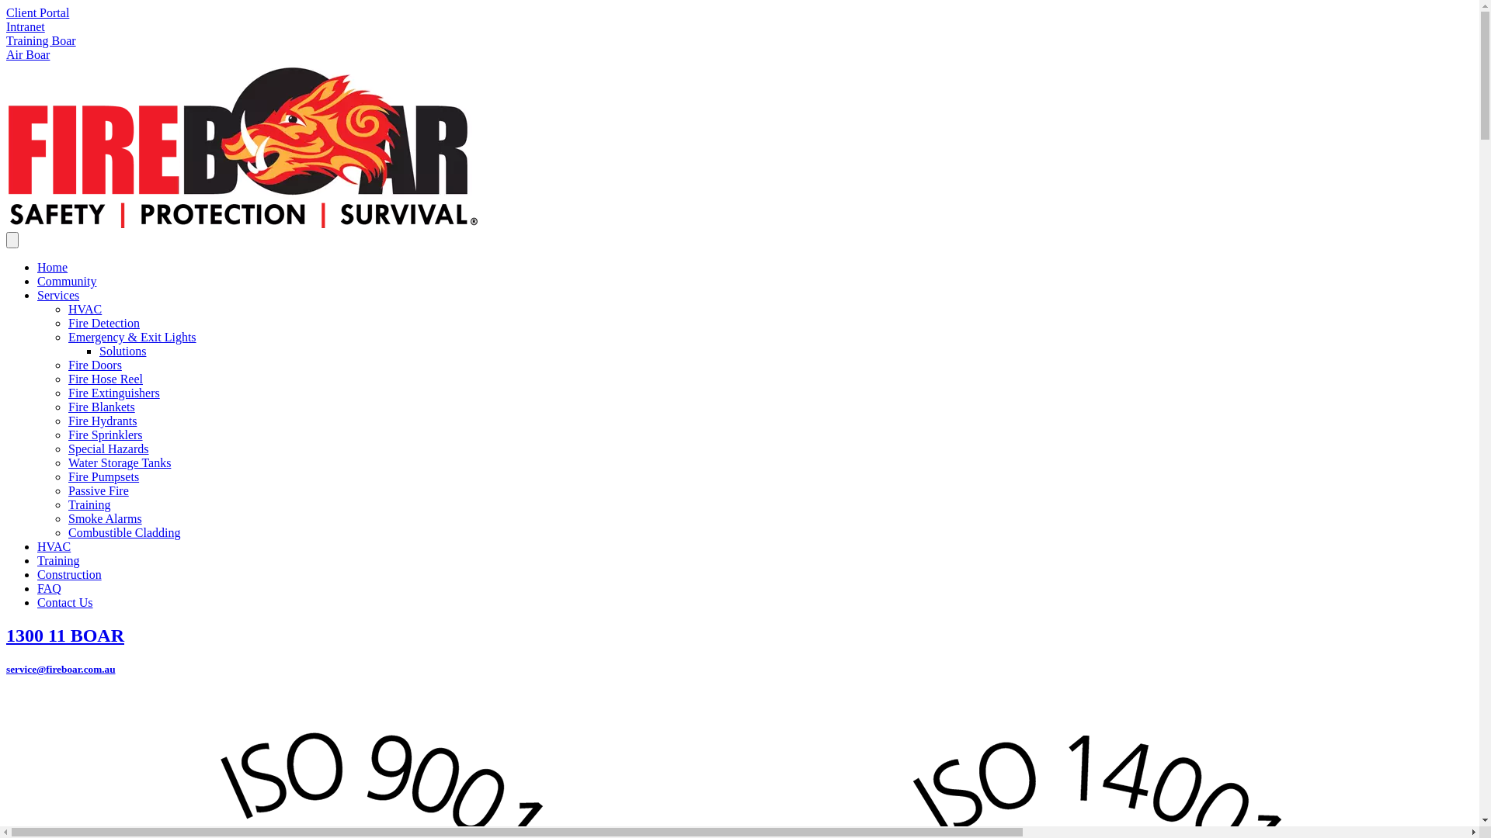 The height and width of the screenshot is (838, 1491). I want to click on 'Solutions', so click(122, 351).